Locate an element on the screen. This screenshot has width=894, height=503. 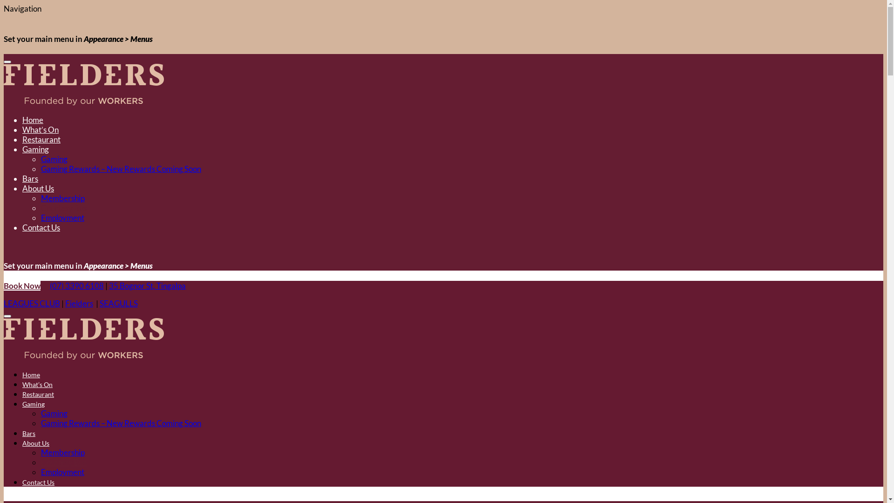
'Book Now' is located at coordinates (22, 285).